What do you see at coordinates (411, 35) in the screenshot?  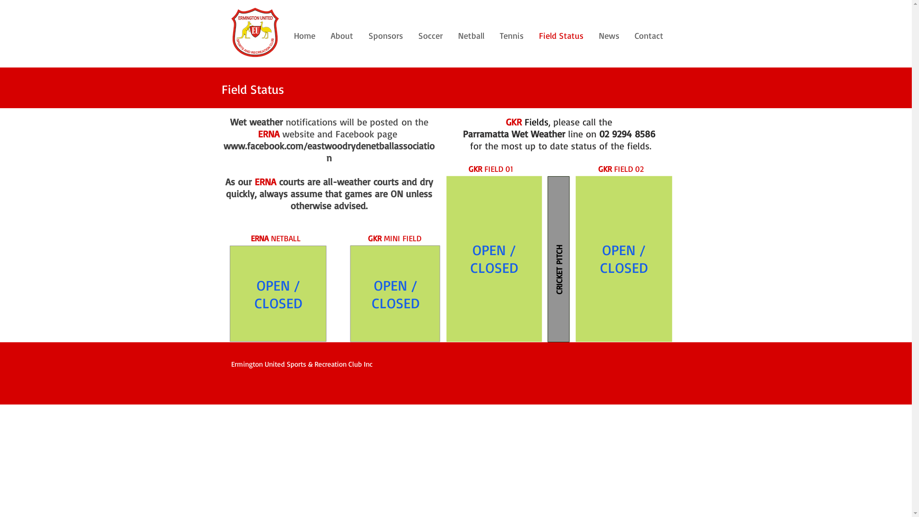 I see `'Soccer'` at bounding box center [411, 35].